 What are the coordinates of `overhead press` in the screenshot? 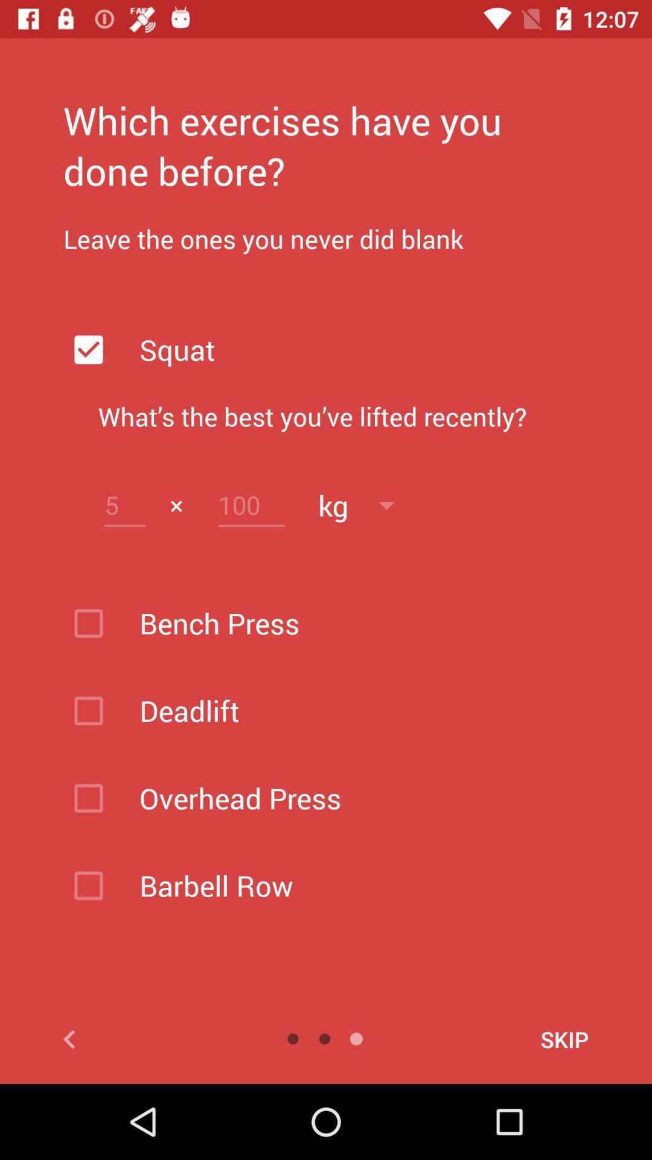 It's located at (357, 798).